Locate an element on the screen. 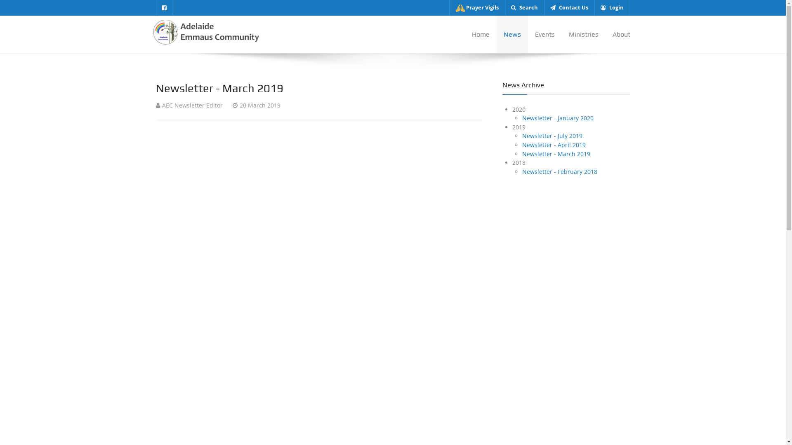  'Home' is located at coordinates (480, 34).